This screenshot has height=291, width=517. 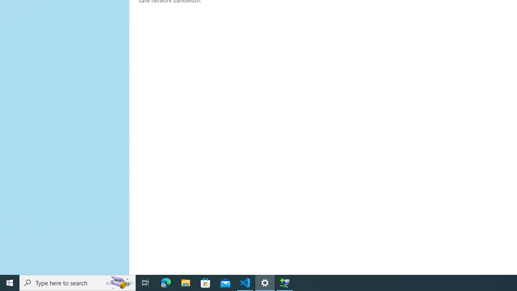 I want to click on 'Extensible Wizards Host Process - 1 running window', so click(x=285, y=282).